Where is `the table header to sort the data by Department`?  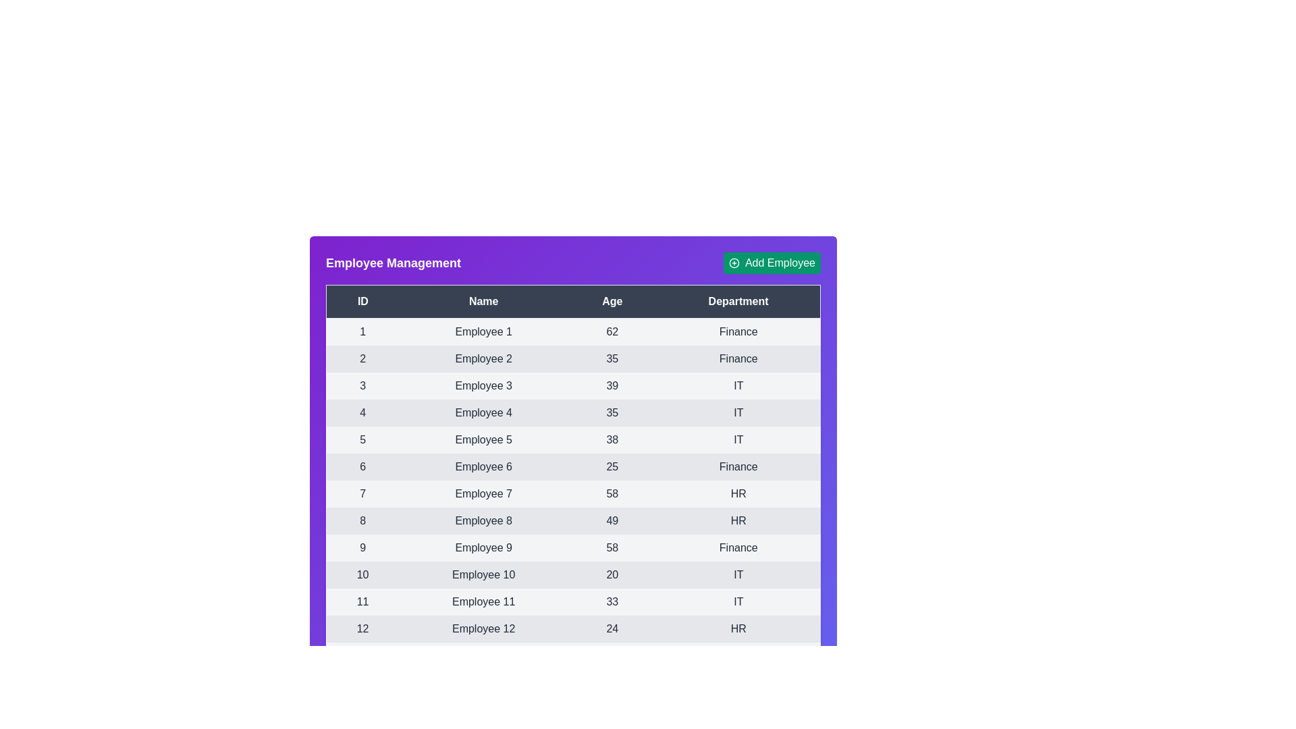 the table header to sort the data by Department is located at coordinates (738, 301).